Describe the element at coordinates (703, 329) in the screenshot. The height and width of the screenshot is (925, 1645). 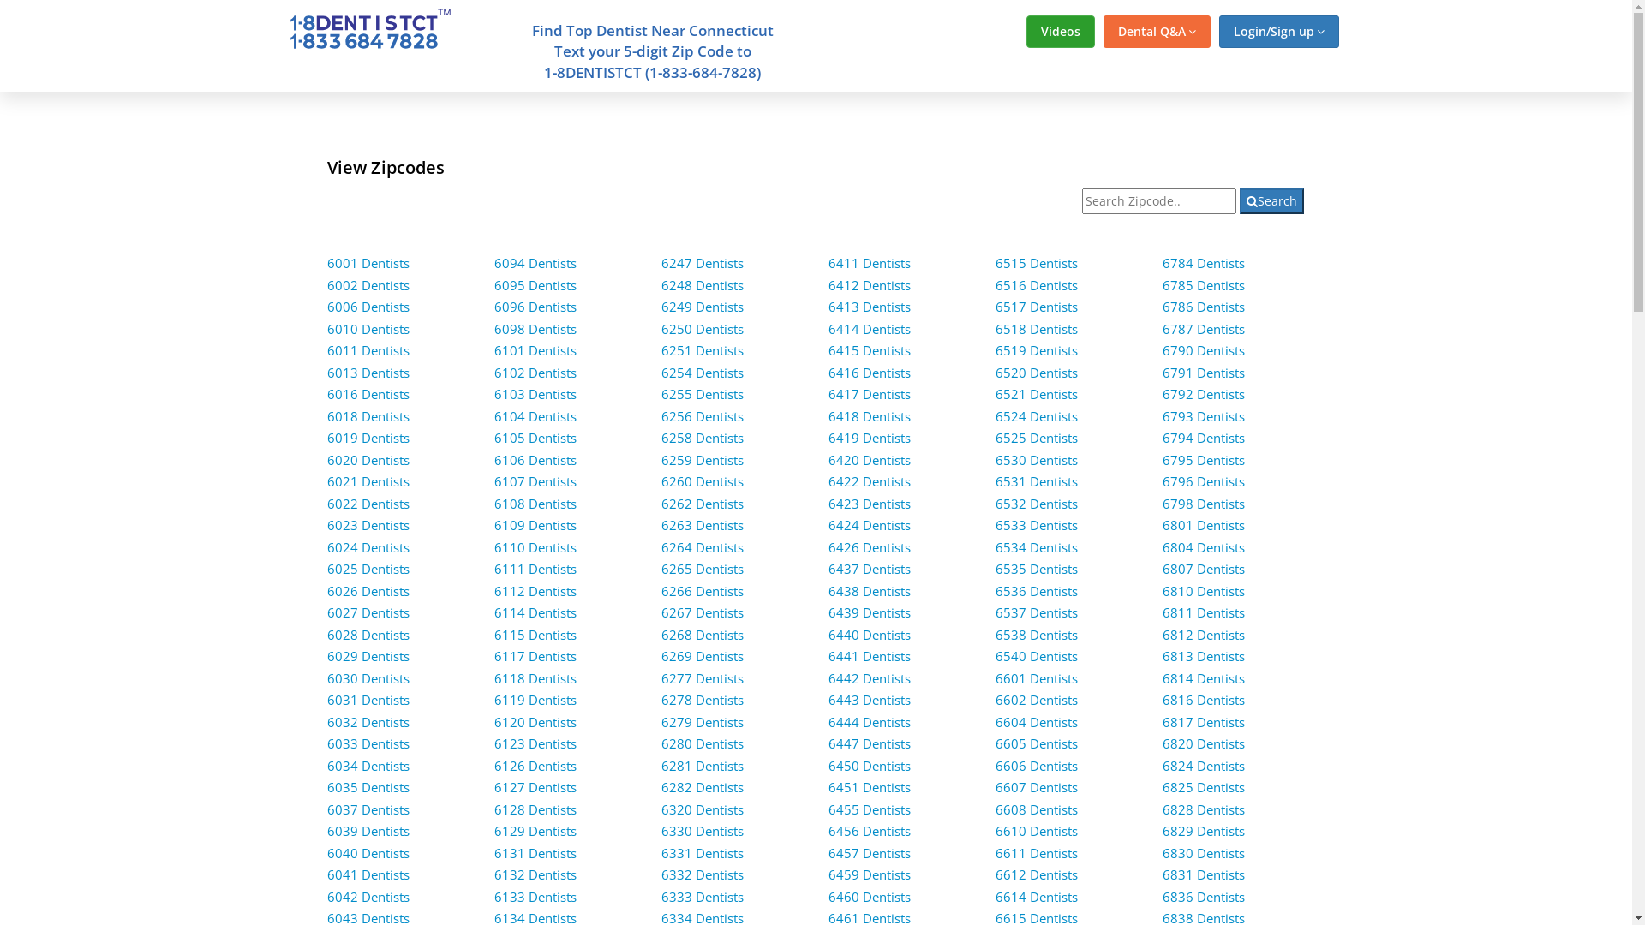
I see `'6250 Dentists'` at that location.